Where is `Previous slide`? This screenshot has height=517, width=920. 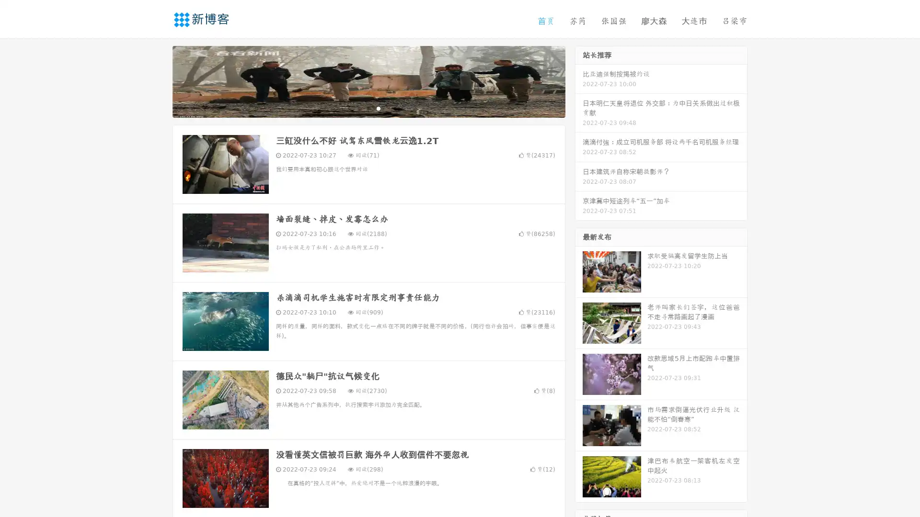 Previous slide is located at coordinates (158, 80).